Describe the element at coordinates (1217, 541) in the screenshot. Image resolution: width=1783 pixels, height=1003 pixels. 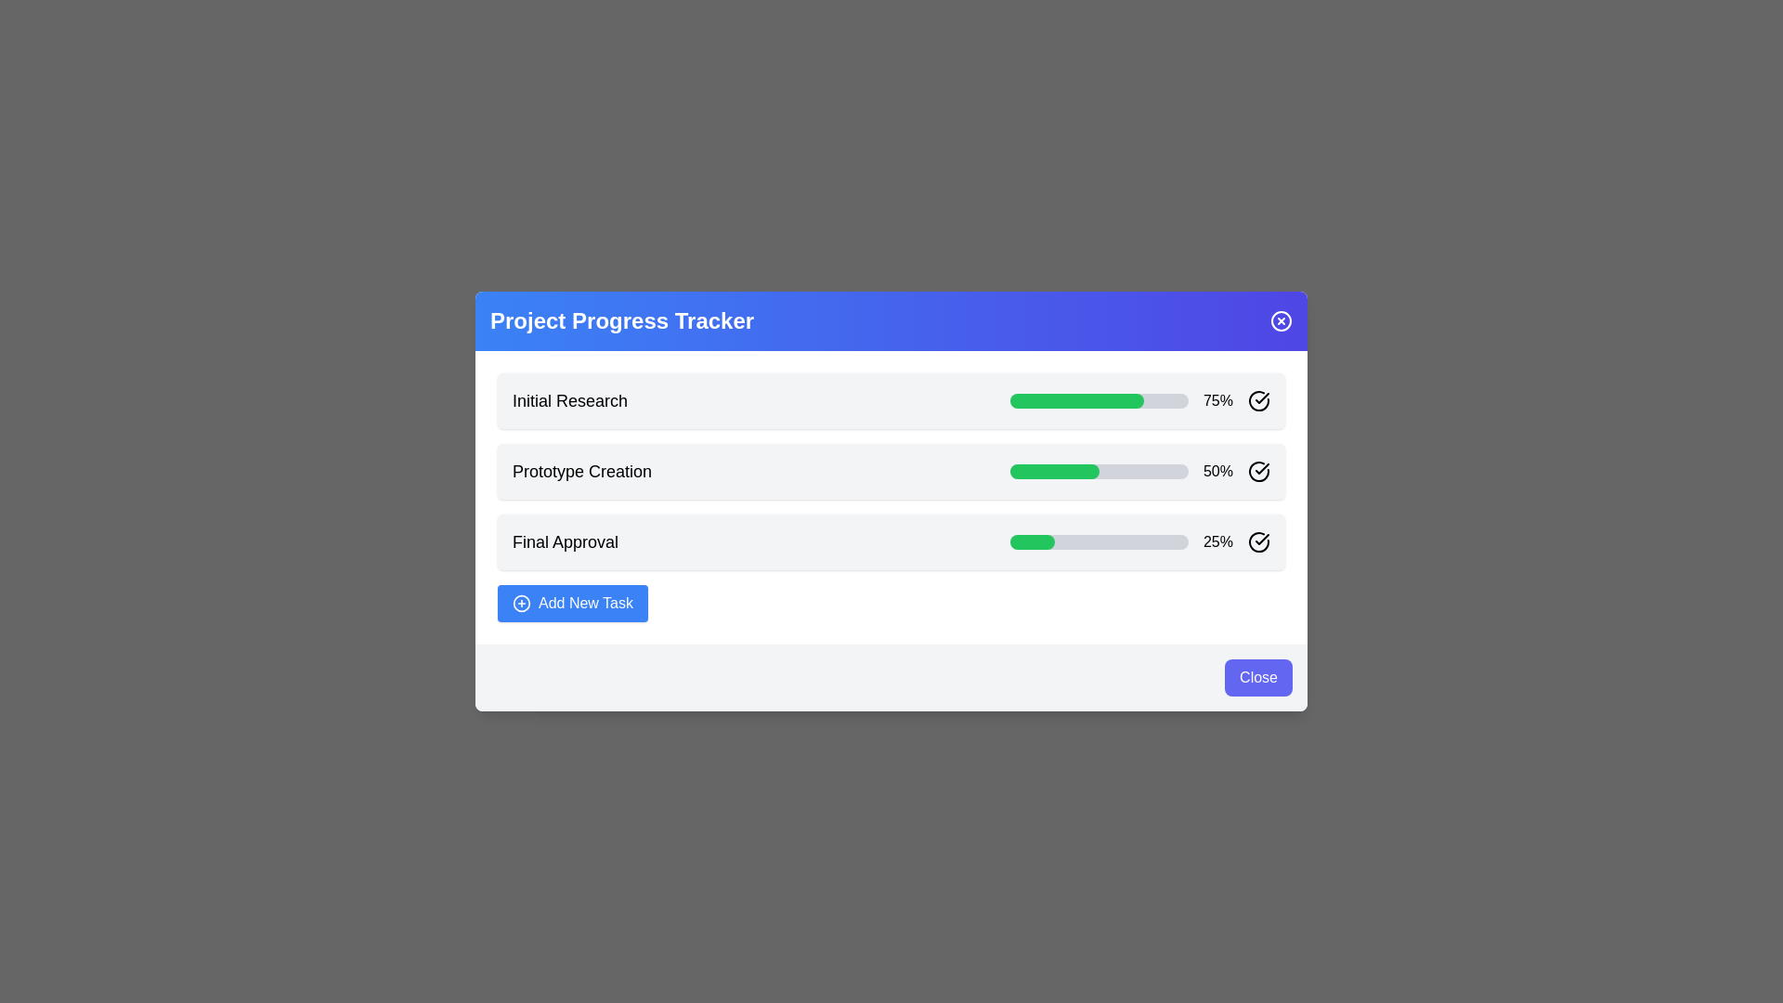
I see `the static text element displaying '25%' in black, which is located in the progress bar section for 'Final Approval'` at that location.